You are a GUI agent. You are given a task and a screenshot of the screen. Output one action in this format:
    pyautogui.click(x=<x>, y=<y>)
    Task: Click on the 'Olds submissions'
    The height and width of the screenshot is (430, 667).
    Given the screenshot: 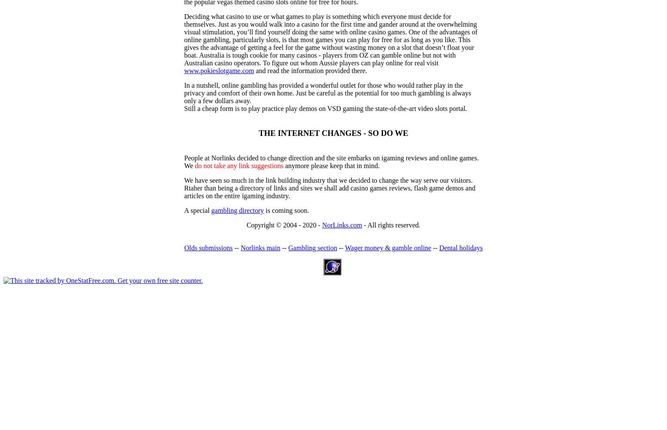 What is the action you would take?
    pyautogui.click(x=184, y=247)
    